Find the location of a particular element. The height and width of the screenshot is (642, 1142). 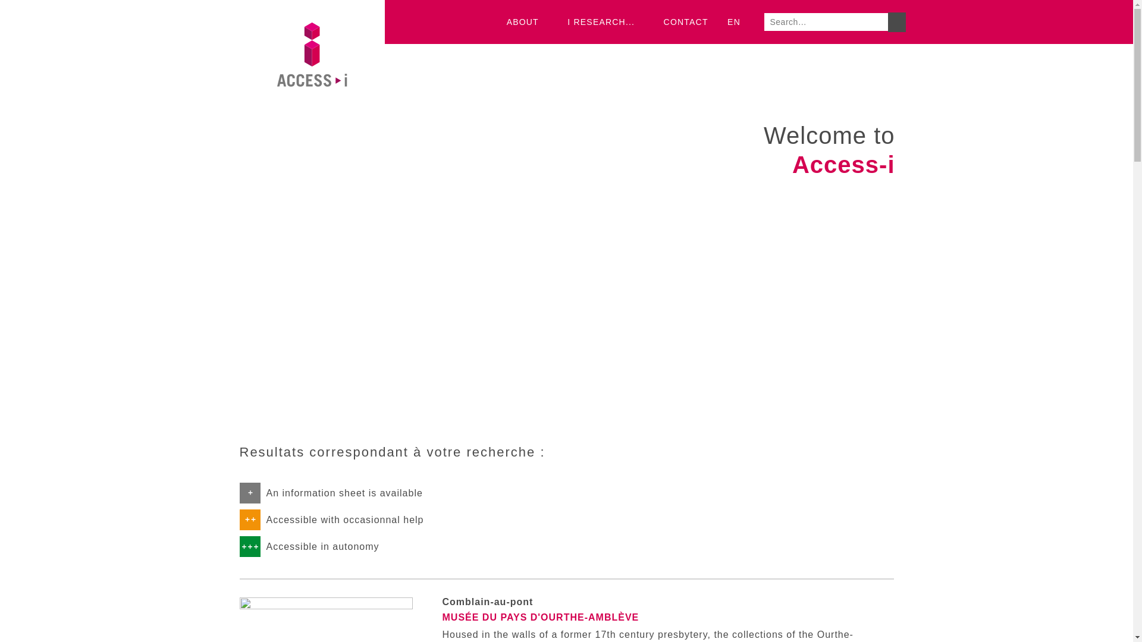

'CONTACT' is located at coordinates (686, 22).